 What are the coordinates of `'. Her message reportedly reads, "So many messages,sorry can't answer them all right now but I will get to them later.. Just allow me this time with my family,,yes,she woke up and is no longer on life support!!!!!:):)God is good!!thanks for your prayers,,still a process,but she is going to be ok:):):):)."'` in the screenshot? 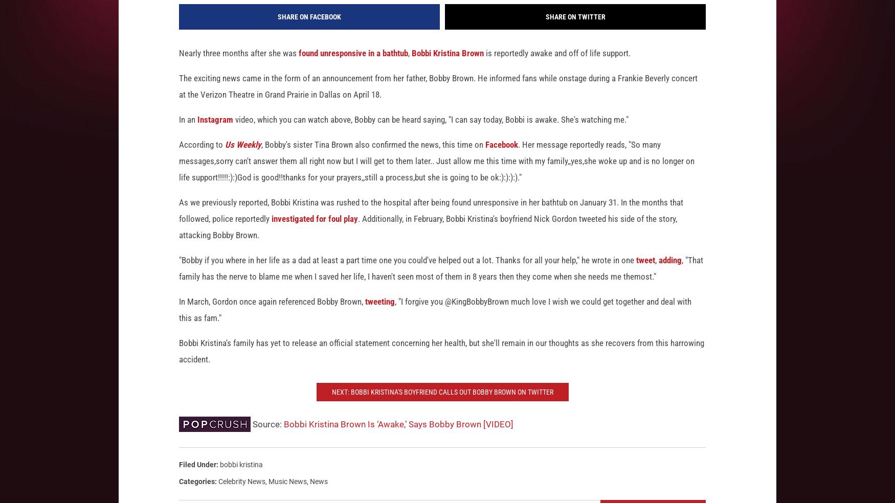 It's located at (437, 174).